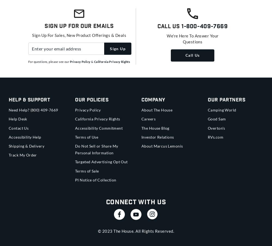  What do you see at coordinates (9, 100) in the screenshot?
I see `'Help & Support'` at bounding box center [9, 100].